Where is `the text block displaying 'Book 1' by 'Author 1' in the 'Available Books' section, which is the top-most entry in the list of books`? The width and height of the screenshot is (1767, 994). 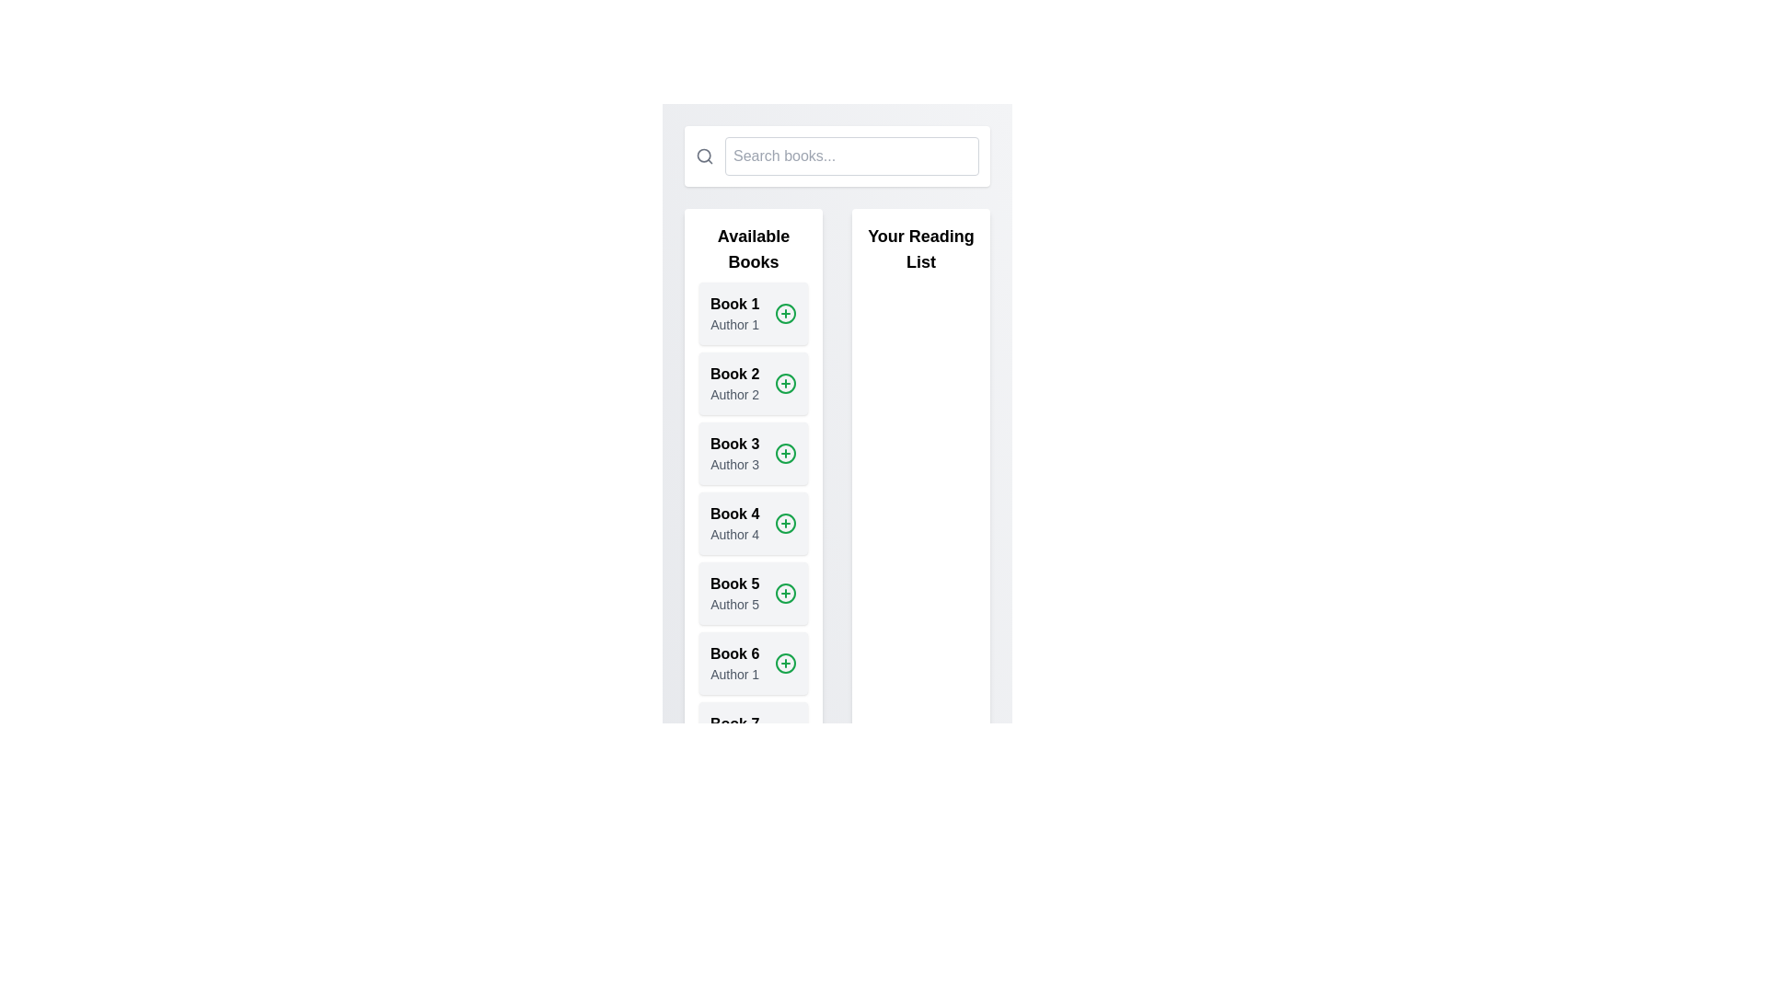
the text block displaying 'Book 1' by 'Author 1' in the 'Available Books' section, which is the top-most entry in the list of books is located at coordinates (733, 312).